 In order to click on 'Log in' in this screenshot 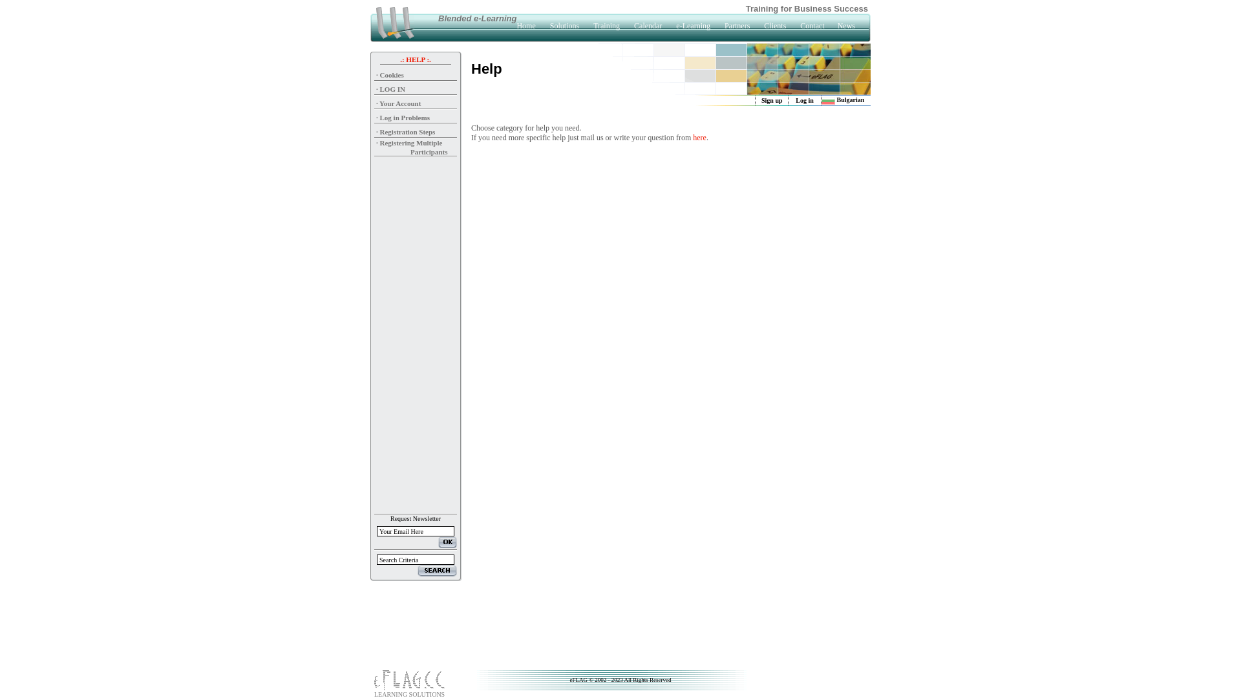, I will do `click(803, 100)`.